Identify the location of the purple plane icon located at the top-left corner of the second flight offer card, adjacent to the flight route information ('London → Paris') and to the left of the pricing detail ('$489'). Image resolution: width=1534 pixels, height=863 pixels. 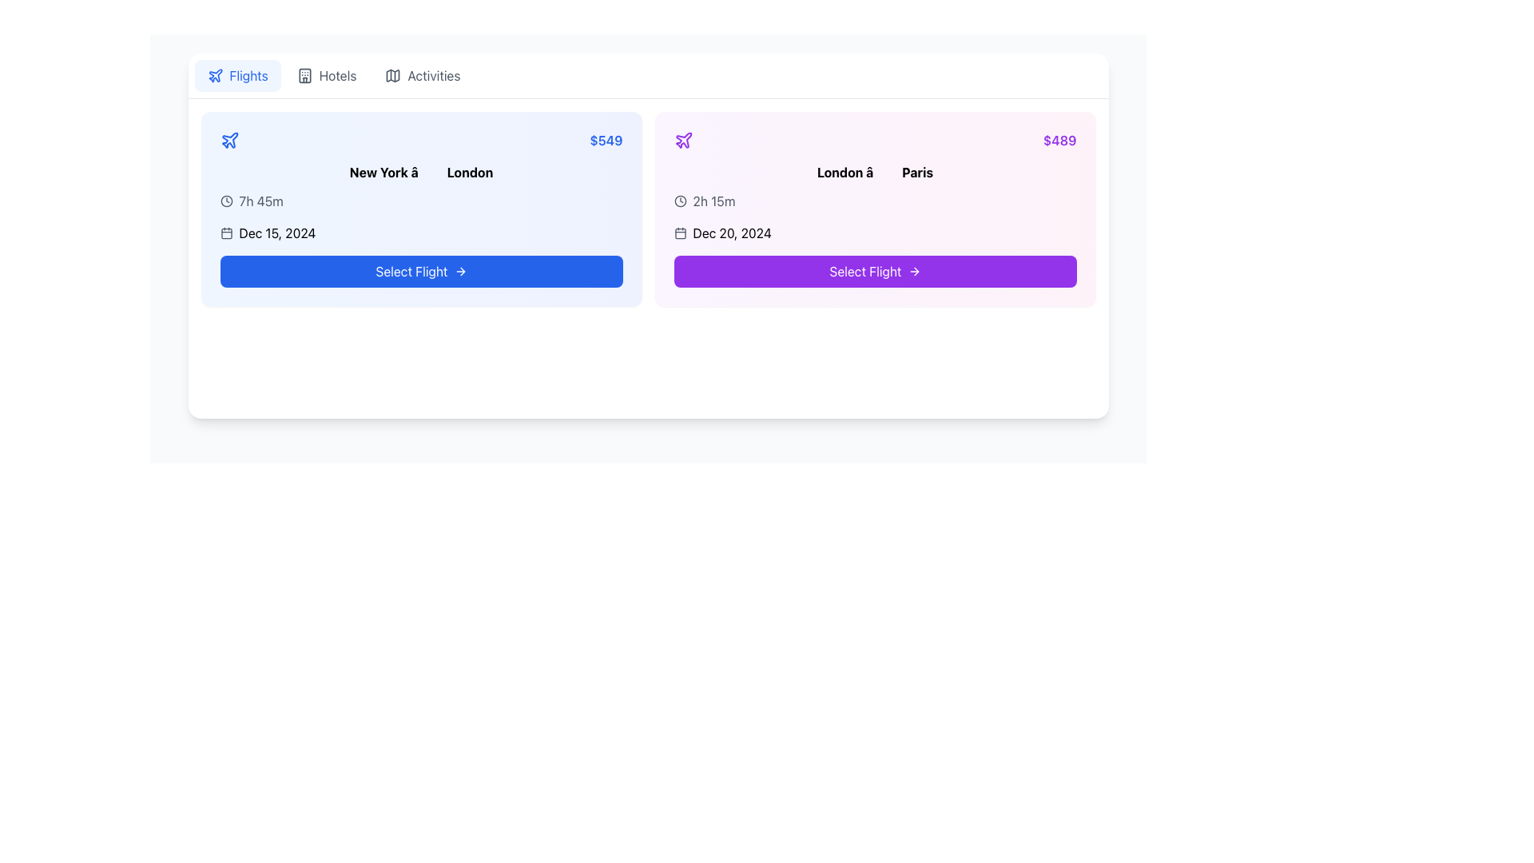
(683, 140).